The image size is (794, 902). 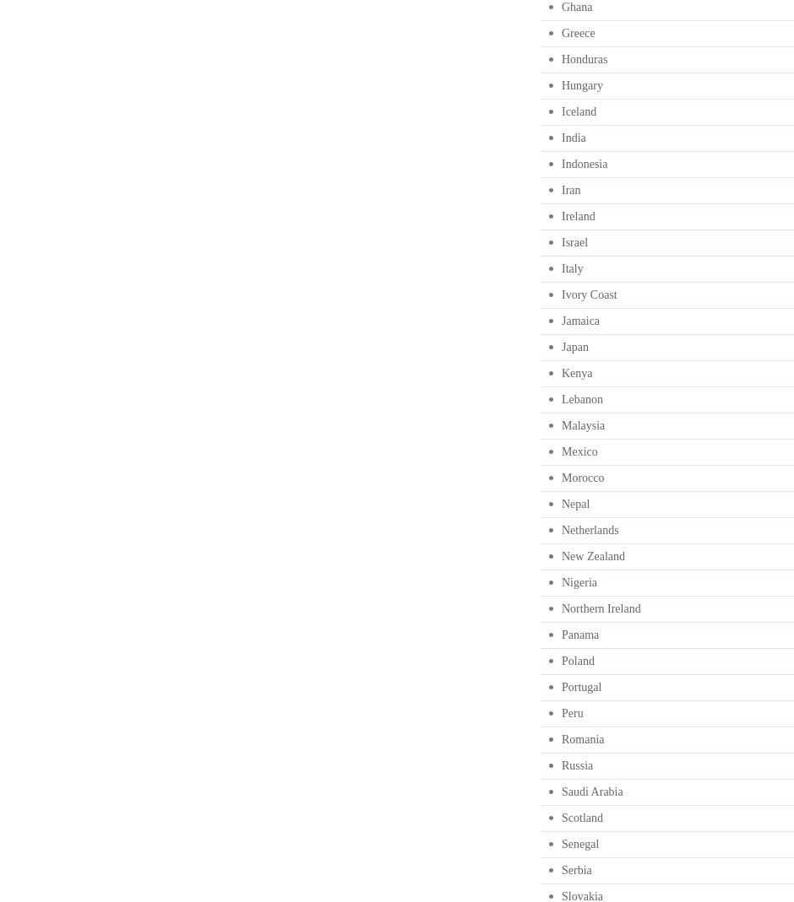 I want to click on 'Nepal', so click(x=561, y=504).